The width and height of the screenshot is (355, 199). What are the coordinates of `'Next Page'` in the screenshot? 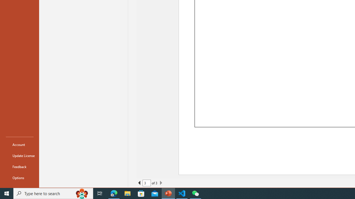 It's located at (161, 183).